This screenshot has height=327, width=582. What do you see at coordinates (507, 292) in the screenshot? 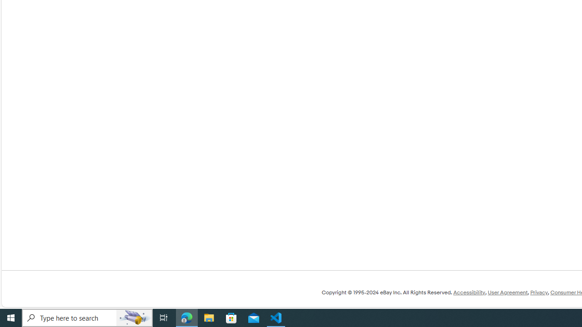
I see `'User Agreement'` at bounding box center [507, 292].